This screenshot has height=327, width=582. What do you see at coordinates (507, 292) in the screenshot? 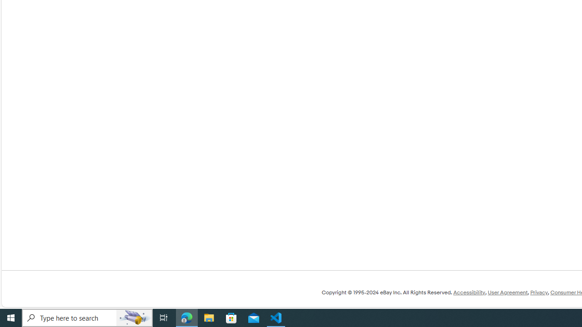
I see `'User Agreement'` at bounding box center [507, 292].